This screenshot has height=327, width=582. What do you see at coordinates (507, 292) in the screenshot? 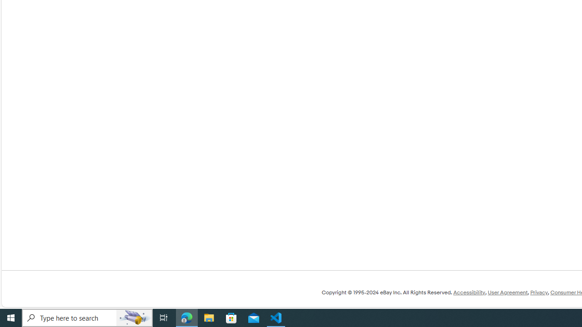
I see `'User Agreement'` at bounding box center [507, 292].